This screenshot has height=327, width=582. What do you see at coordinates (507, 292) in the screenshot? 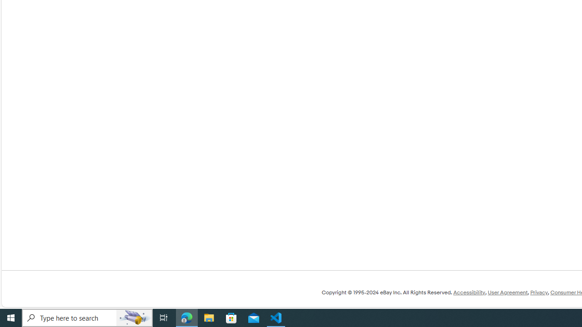
I see `'User Agreement'` at bounding box center [507, 292].